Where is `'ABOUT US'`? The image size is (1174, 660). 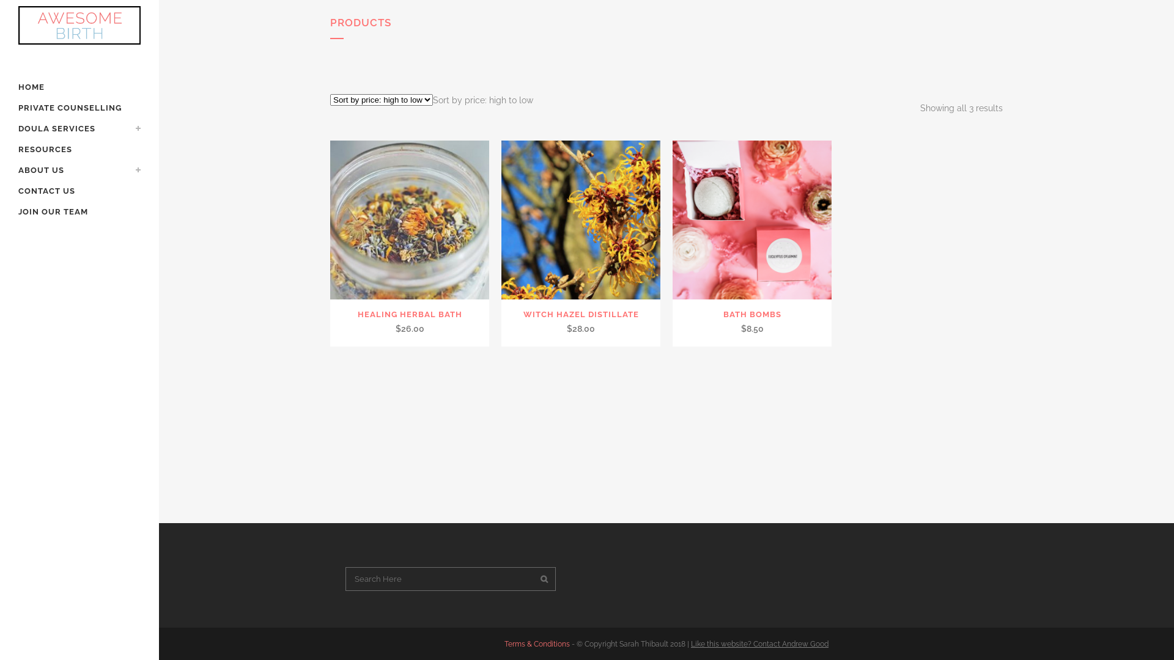 'ABOUT US' is located at coordinates (18, 170).